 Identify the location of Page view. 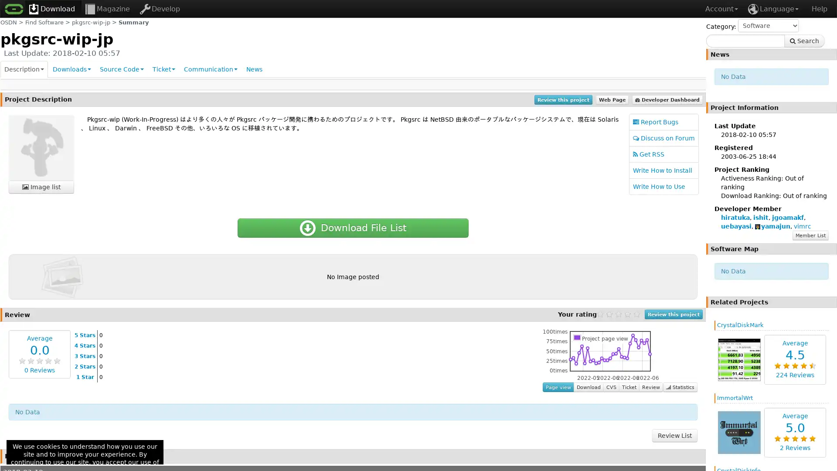
(558, 386).